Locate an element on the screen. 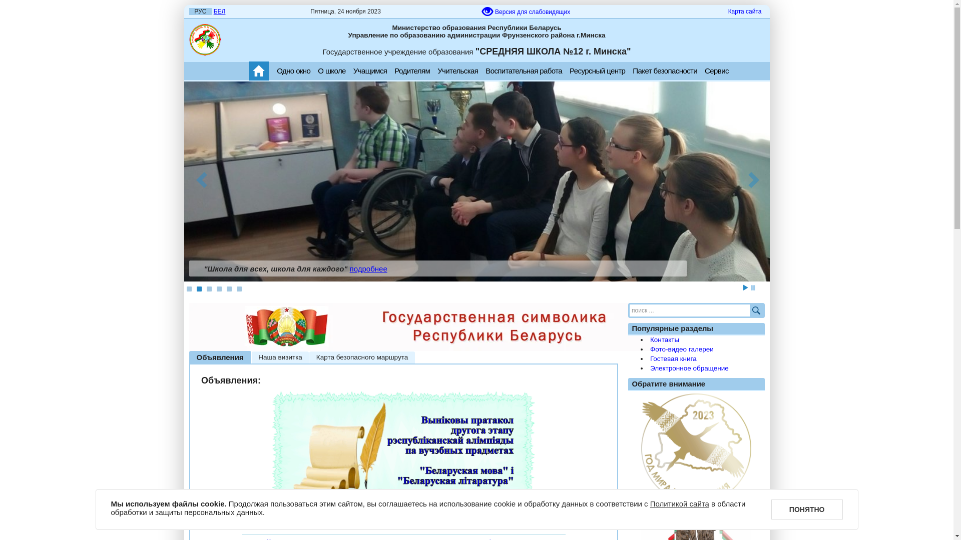 The image size is (961, 540). '6' is located at coordinates (238, 289).